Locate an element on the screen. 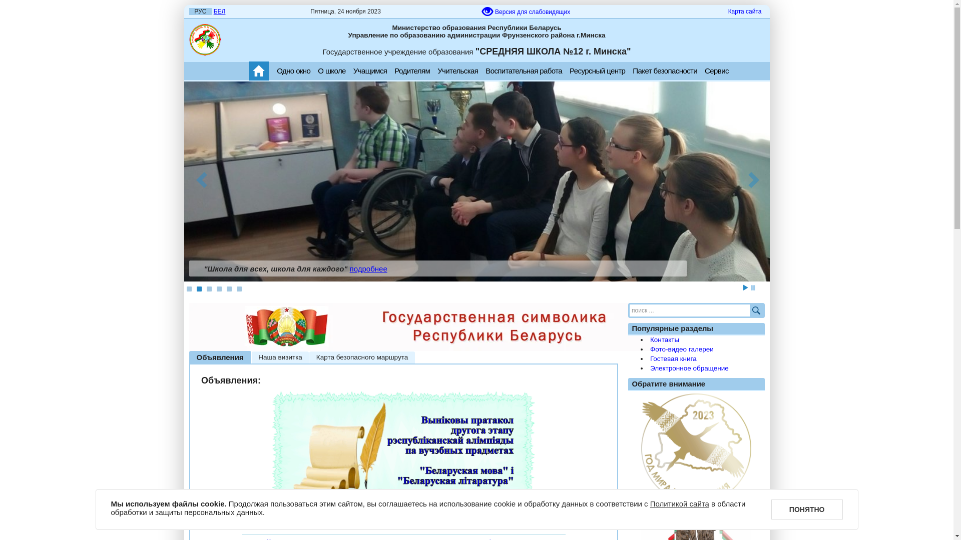 The image size is (961, 540). '6' is located at coordinates (238, 289).